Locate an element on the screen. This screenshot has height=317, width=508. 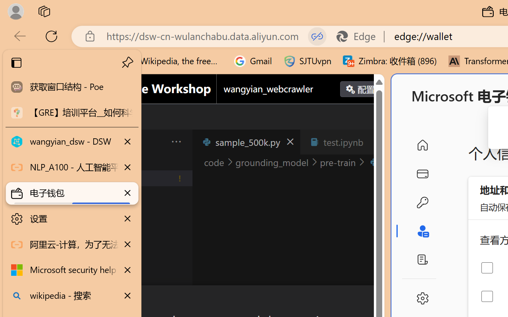
'test.ipynb' is located at coordinates (343, 142).